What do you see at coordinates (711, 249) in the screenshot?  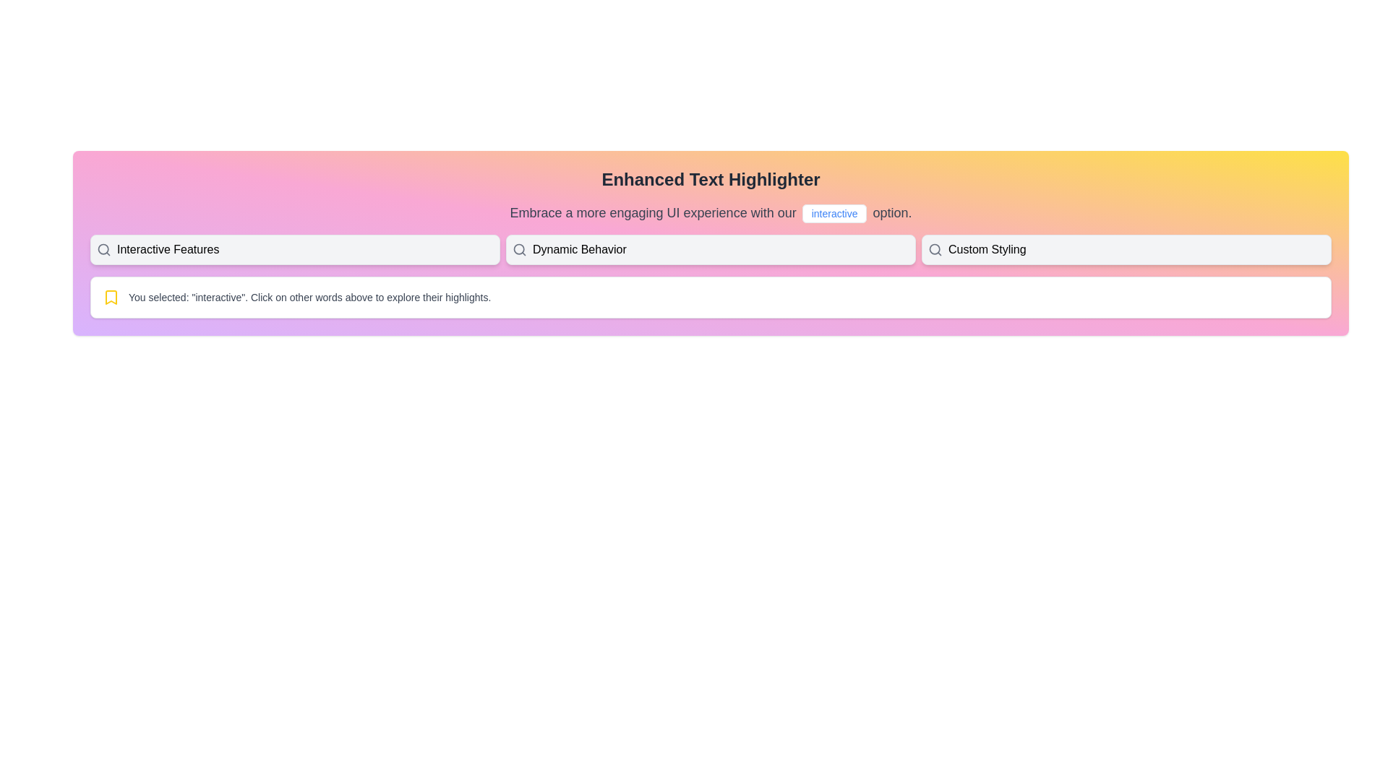 I see `the middle selectable item labeled 'Dynamic Behavior' in the horizontal row of items` at bounding box center [711, 249].